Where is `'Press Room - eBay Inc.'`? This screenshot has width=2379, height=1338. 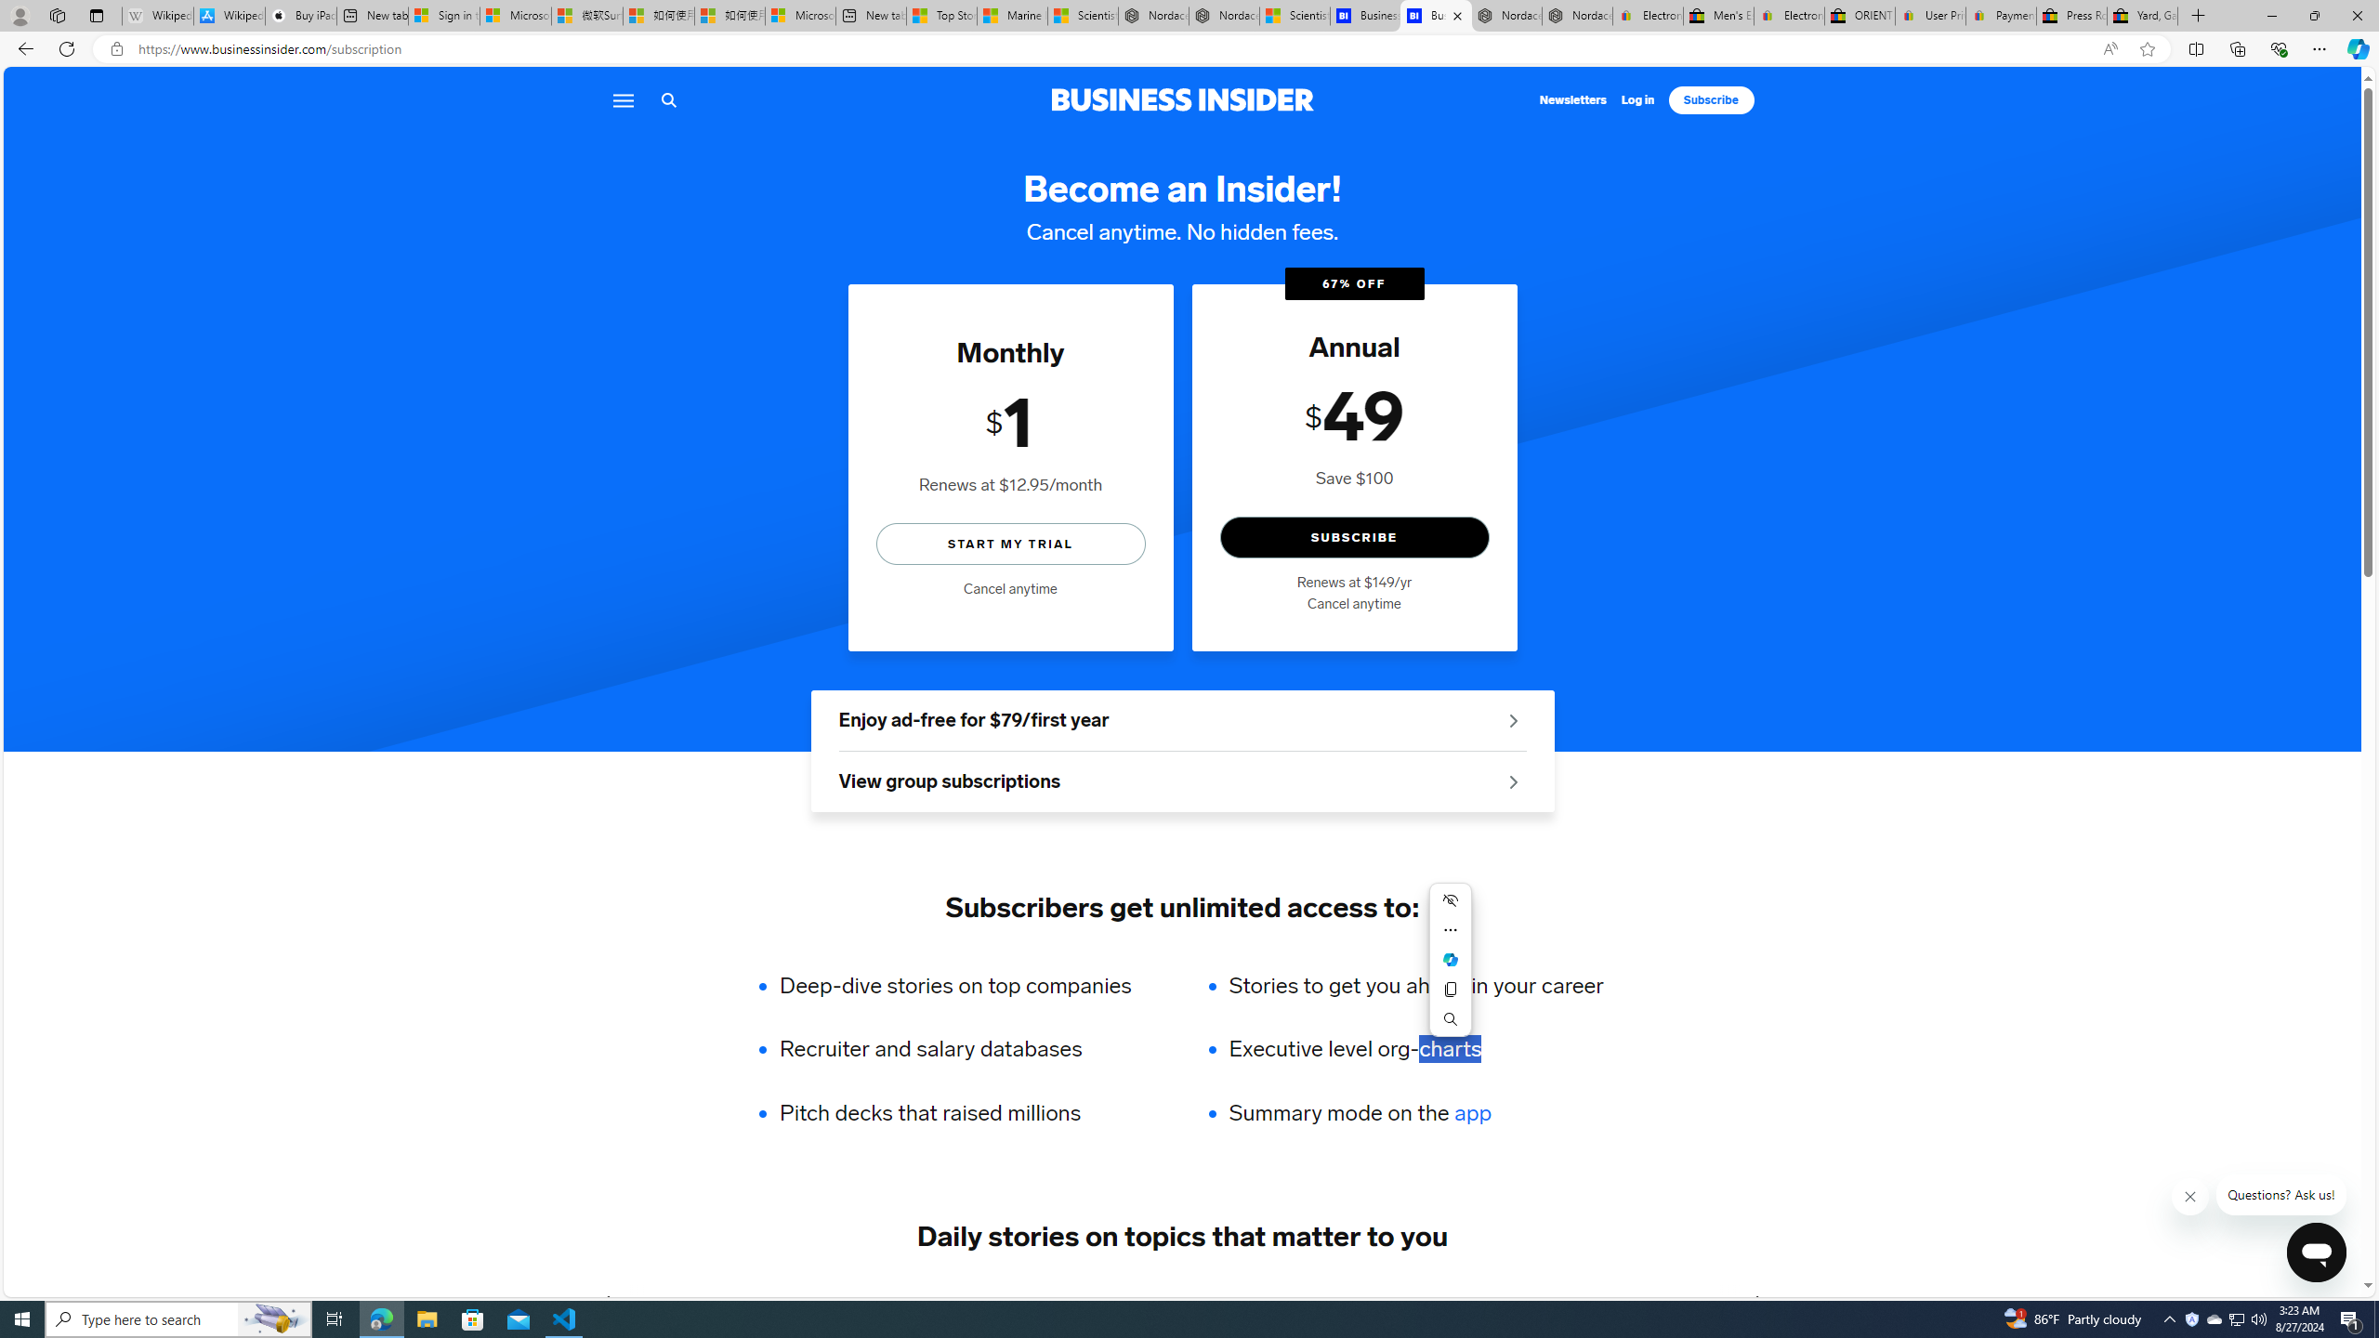
'Press Room - eBay Inc.' is located at coordinates (2071, 15).